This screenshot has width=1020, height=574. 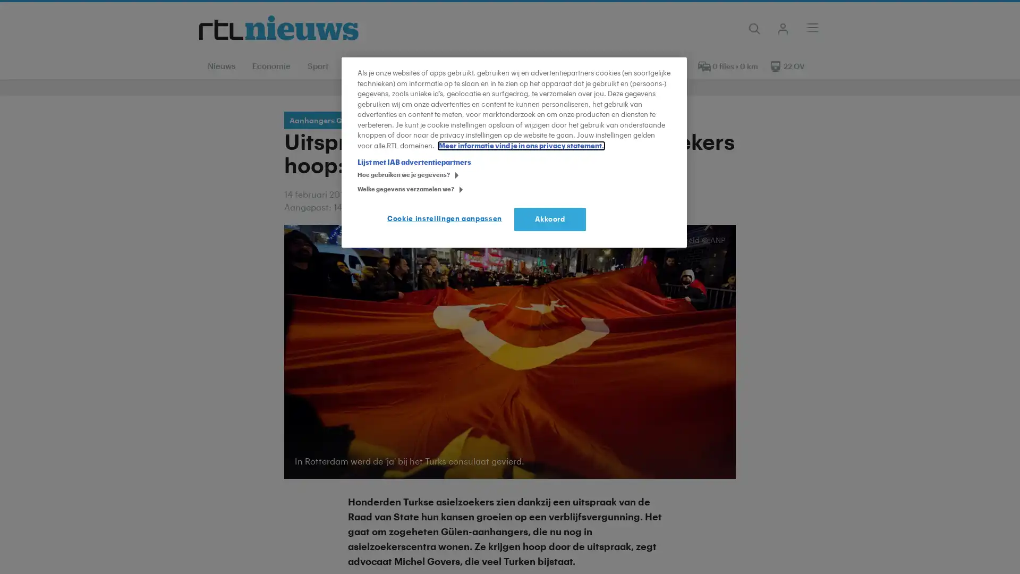 What do you see at coordinates (447, 218) in the screenshot?
I see `Cookie instellingen aanpassen` at bounding box center [447, 218].